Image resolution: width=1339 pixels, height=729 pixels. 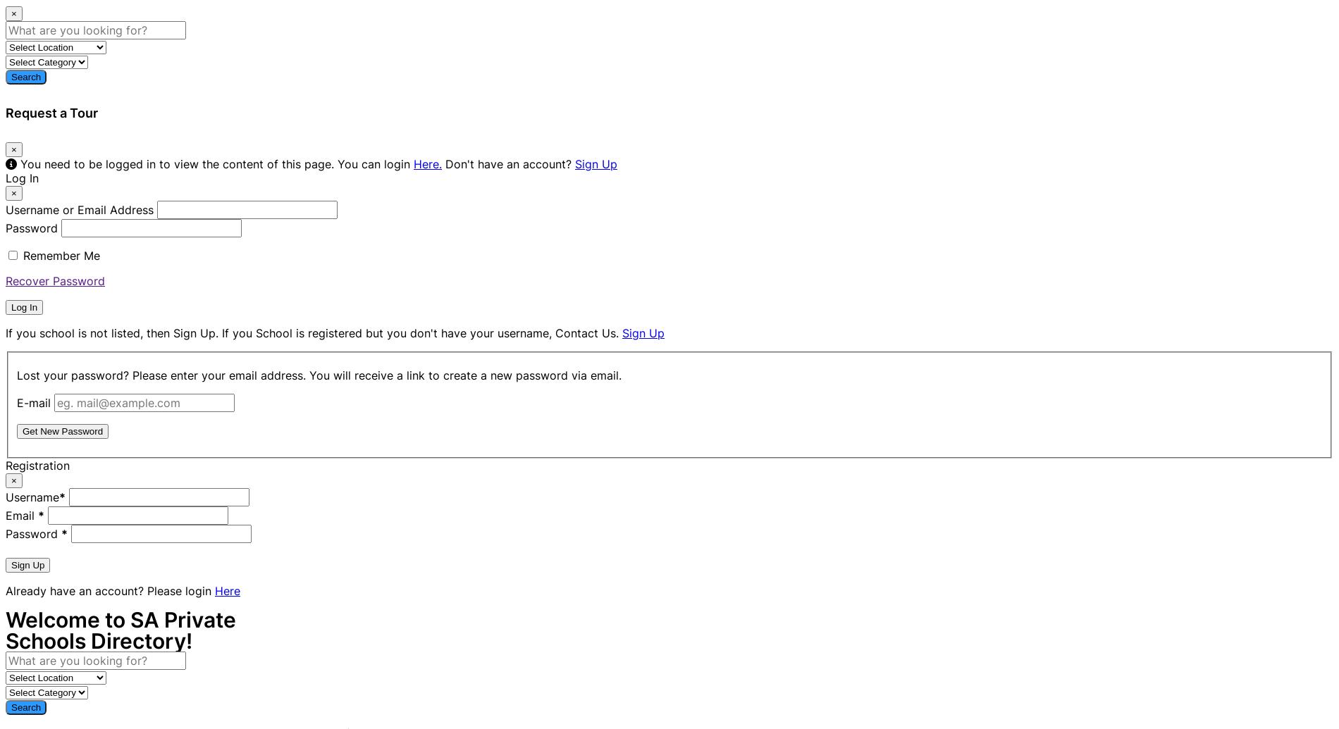 I want to click on 'Request a Tour', so click(x=51, y=113).